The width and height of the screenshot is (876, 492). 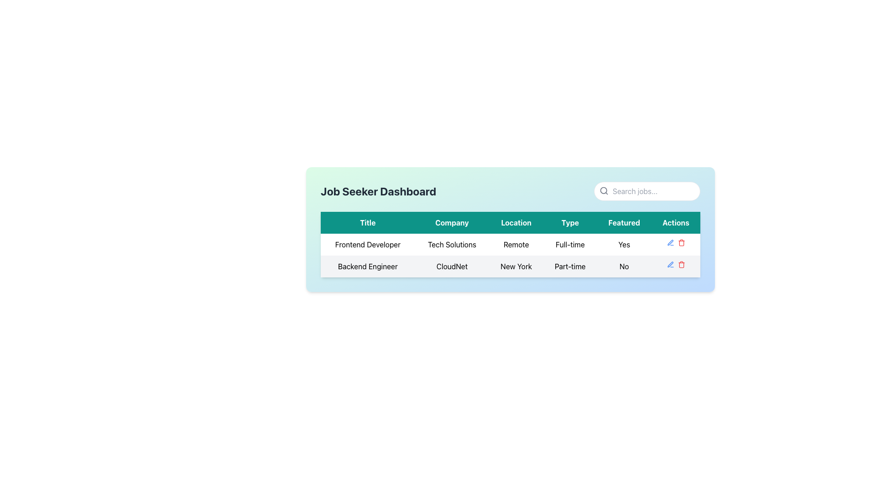 I want to click on the edit icon represented by a pen in the Actions column of the last row, so click(x=670, y=242).